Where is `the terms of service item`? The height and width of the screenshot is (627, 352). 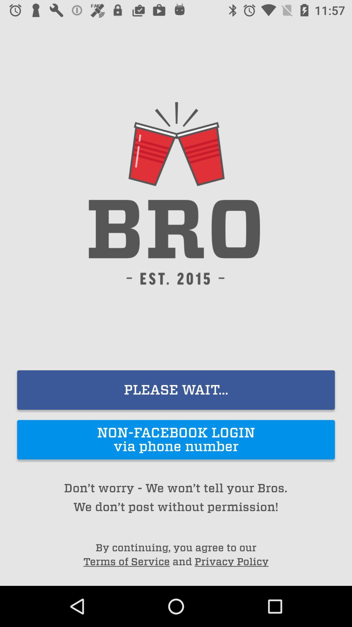 the terms of service item is located at coordinates (126, 561).